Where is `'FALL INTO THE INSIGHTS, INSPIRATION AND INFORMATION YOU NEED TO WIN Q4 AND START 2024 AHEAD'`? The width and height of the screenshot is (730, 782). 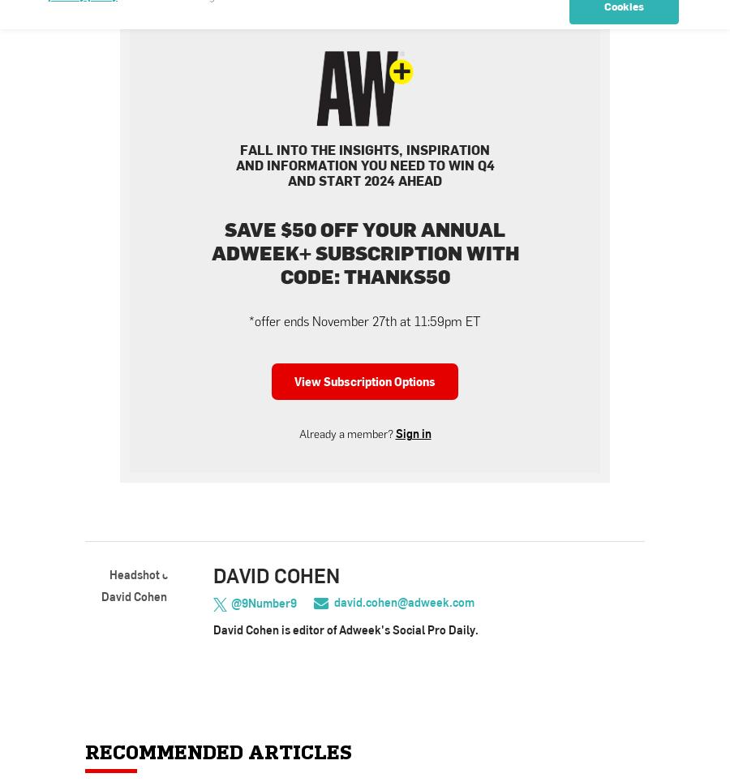
'FALL INTO THE INSIGHTS, INSPIRATION AND INFORMATION YOU NEED TO WIN Q4 AND START 2024 AHEAD' is located at coordinates (364, 164).